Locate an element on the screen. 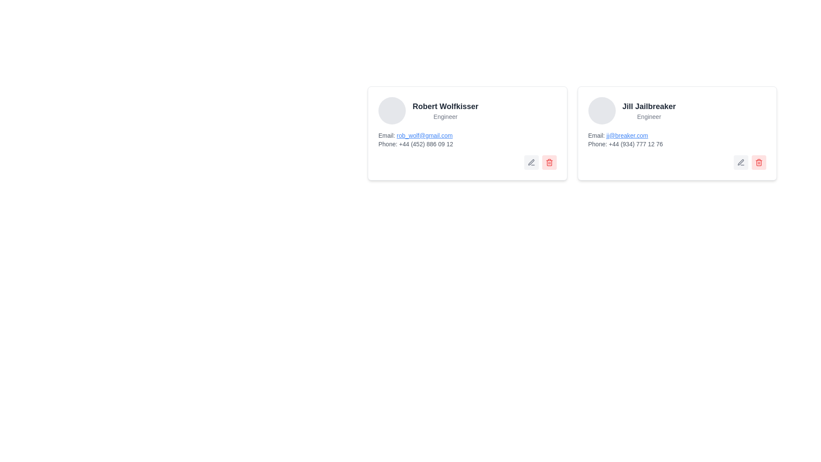 This screenshot has height=462, width=821. the pen/edit icon within the button located in the first card from the right at the bottom-right corner is located at coordinates (531, 163).